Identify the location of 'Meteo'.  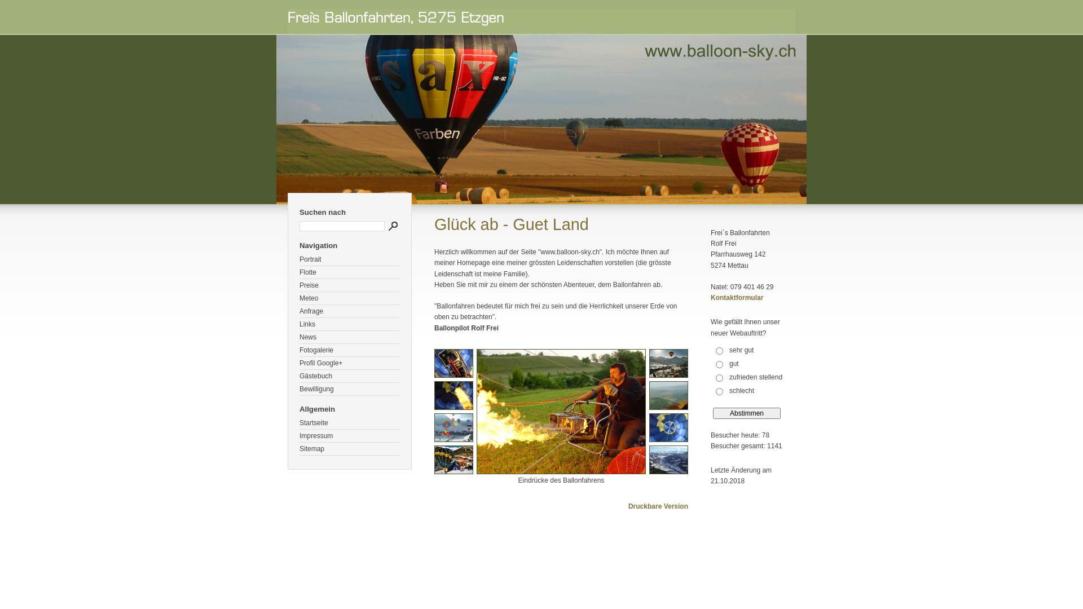
(349, 298).